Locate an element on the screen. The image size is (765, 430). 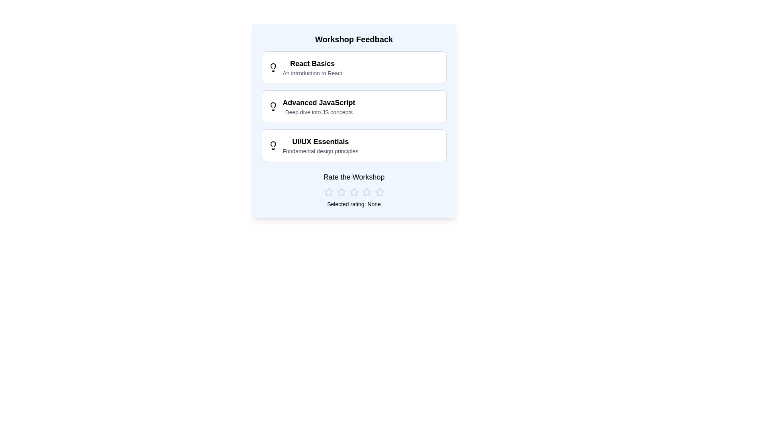
the text label displaying 'Deep dive into JS concepts' located underneath the title 'Advanced JavaScript' is located at coordinates (319, 112).